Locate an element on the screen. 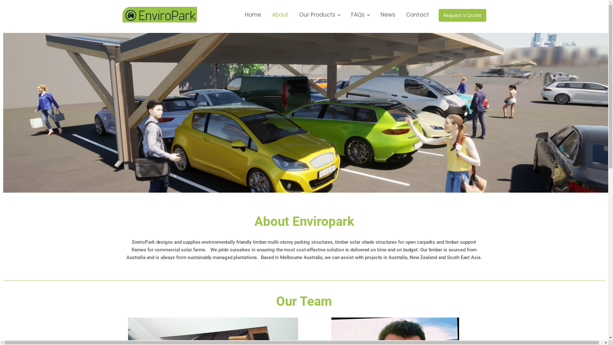  'Request a Quote' is located at coordinates (462, 15).